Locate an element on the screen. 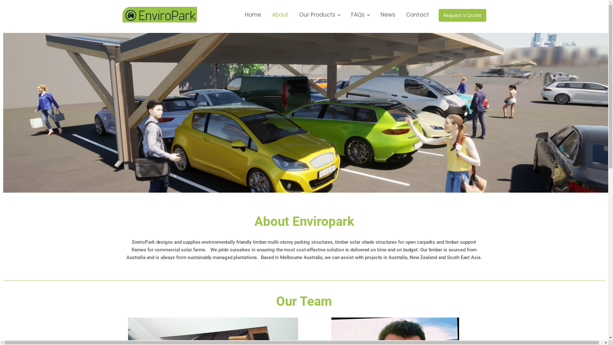  'Request a Quote' is located at coordinates (462, 15).